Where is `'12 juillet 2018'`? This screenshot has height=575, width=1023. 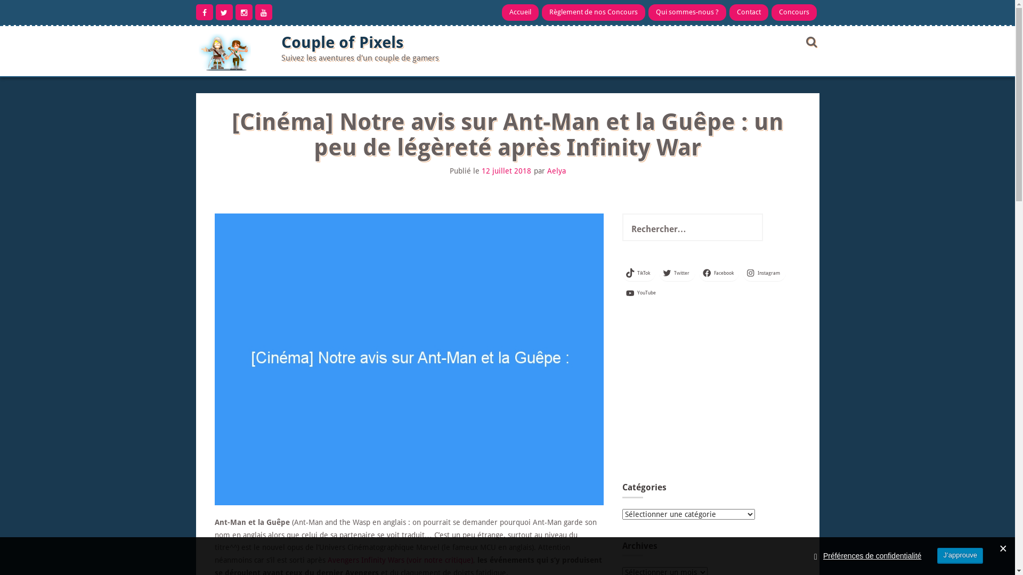
'12 juillet 2018' is located at coordinates (506, 170).